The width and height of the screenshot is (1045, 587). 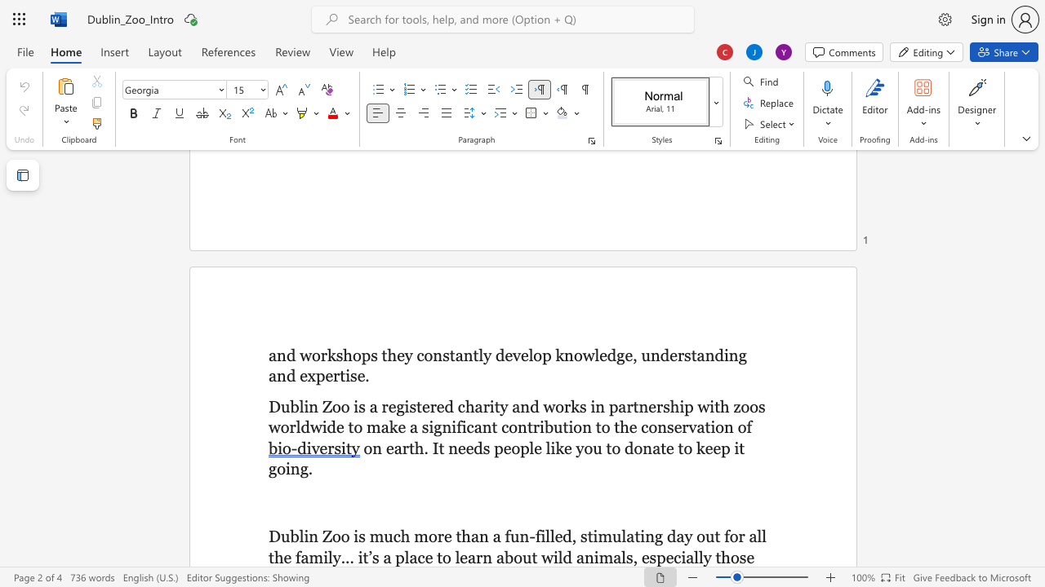 What do you see at coordinates (506, 536) in the screenshot?
I see `the 1th character "f" in the text` at bounding box center [506, 536].